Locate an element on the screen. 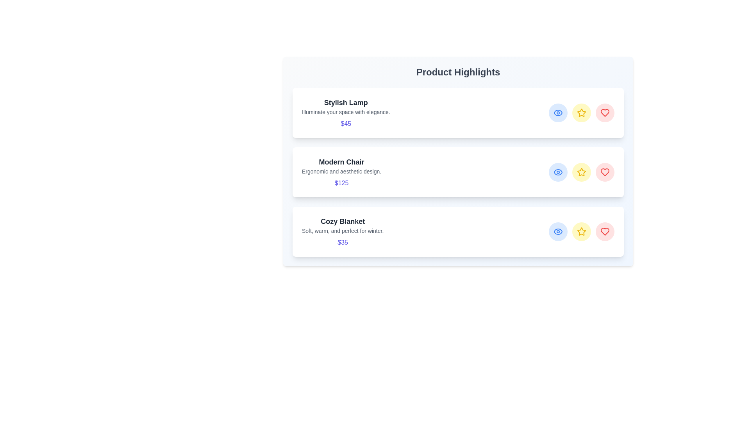 The image size is (750, 422). the product Modern Chair to view its hover effects is located at coordinates (458, 172).